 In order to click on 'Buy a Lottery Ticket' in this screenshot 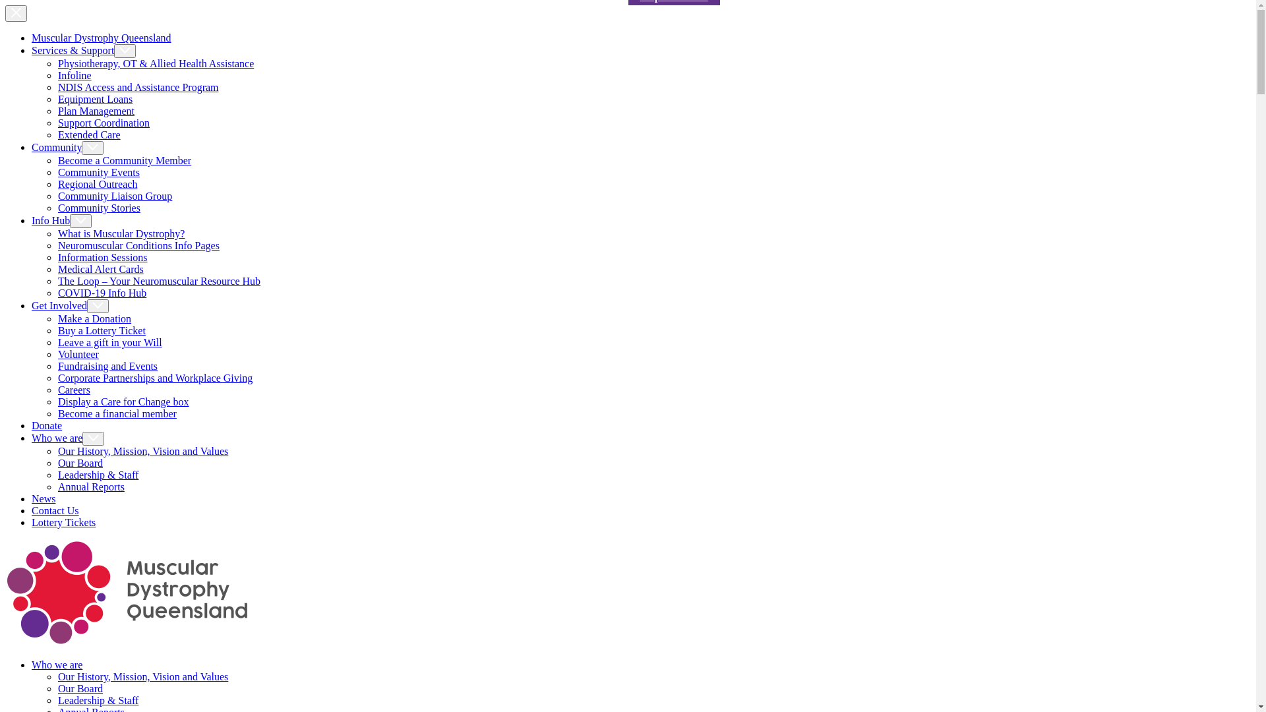, I will do `click(101, 330)`.